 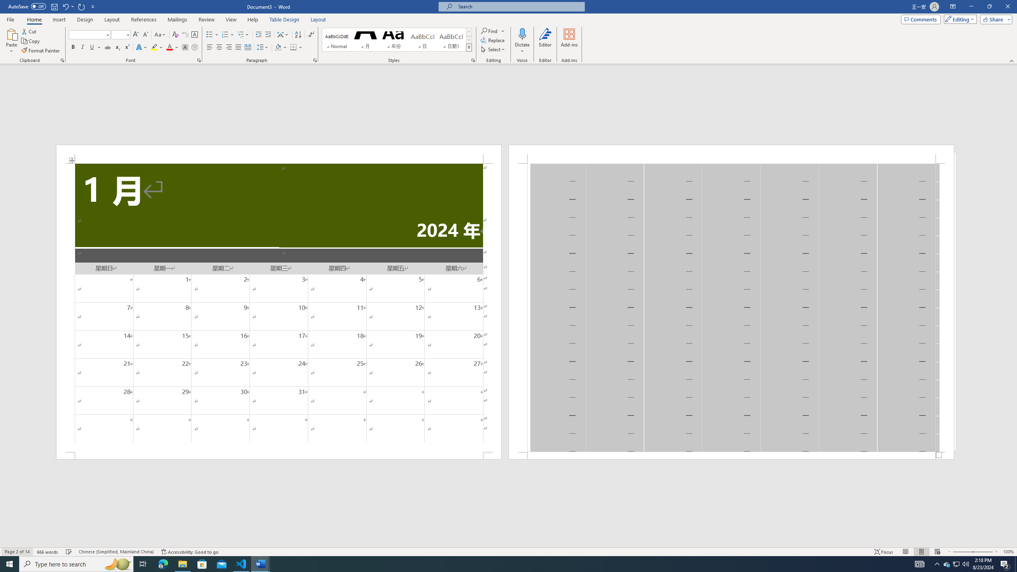 I want to click on 'Align Right', so click(x=228, y=47).